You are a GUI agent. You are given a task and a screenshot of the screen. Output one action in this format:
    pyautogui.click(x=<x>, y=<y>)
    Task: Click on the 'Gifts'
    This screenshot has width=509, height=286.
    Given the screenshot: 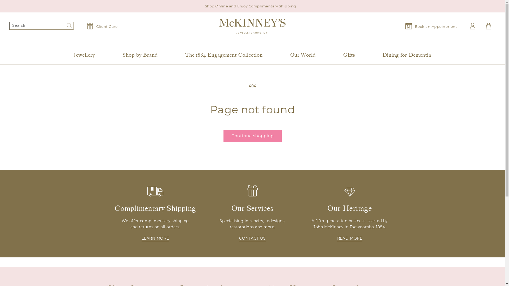 What is the action you would take?
    pyautogui.click(x=349, y=55)
    